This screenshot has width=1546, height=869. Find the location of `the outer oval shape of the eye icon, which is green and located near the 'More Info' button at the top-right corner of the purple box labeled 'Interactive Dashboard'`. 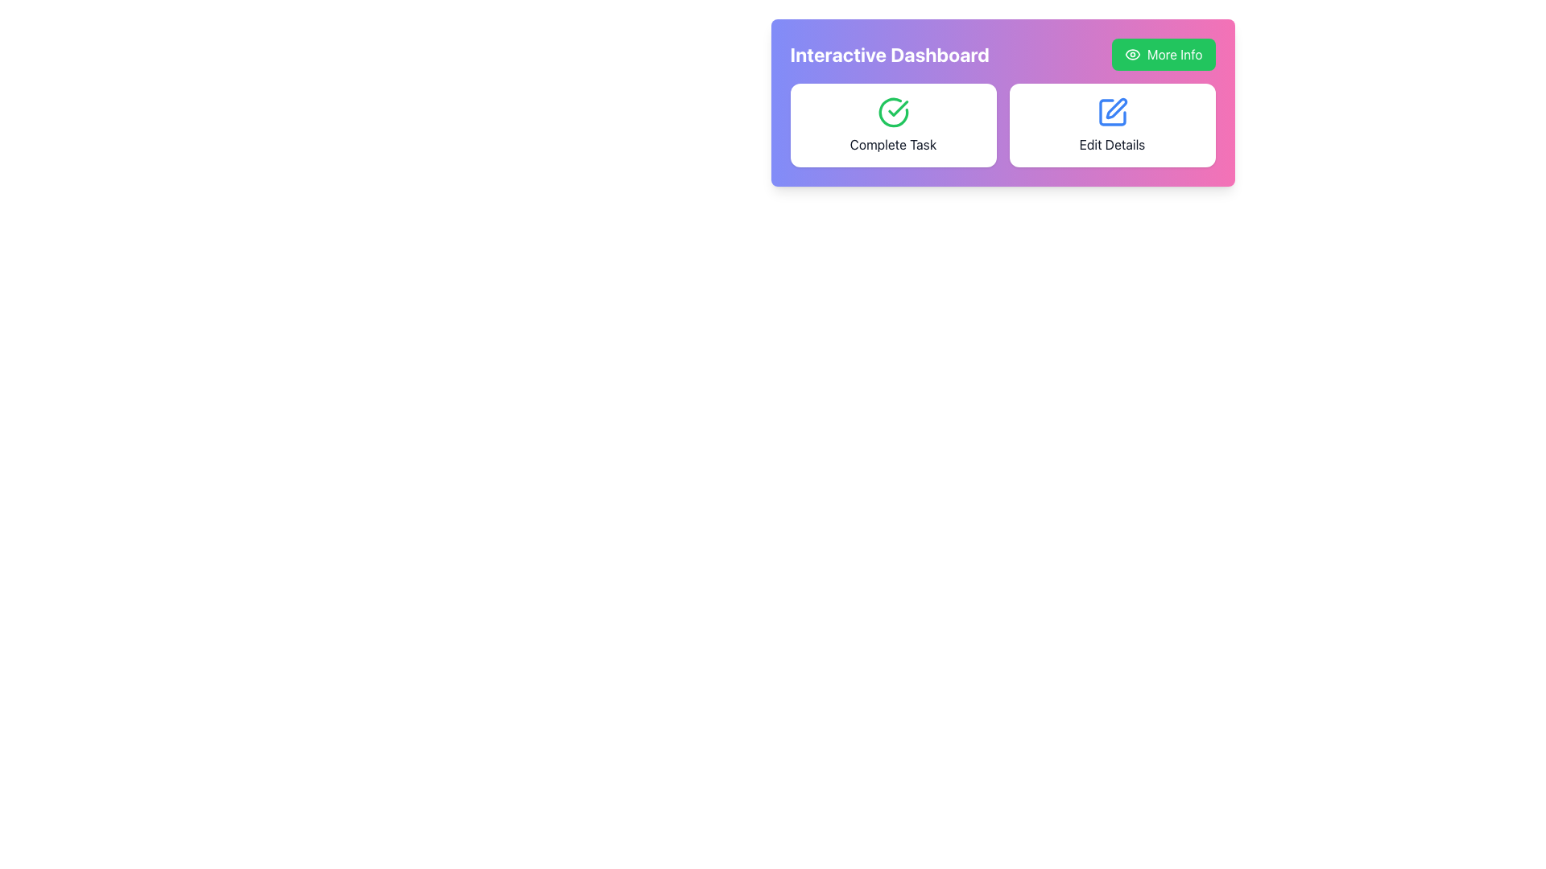

the outer oval shape of the eye icon, which is green and located near the 'More Info' button at the top-right corner of the purple box labeled 'Interactive Dashboard' is located at coordinates (1131, 54).